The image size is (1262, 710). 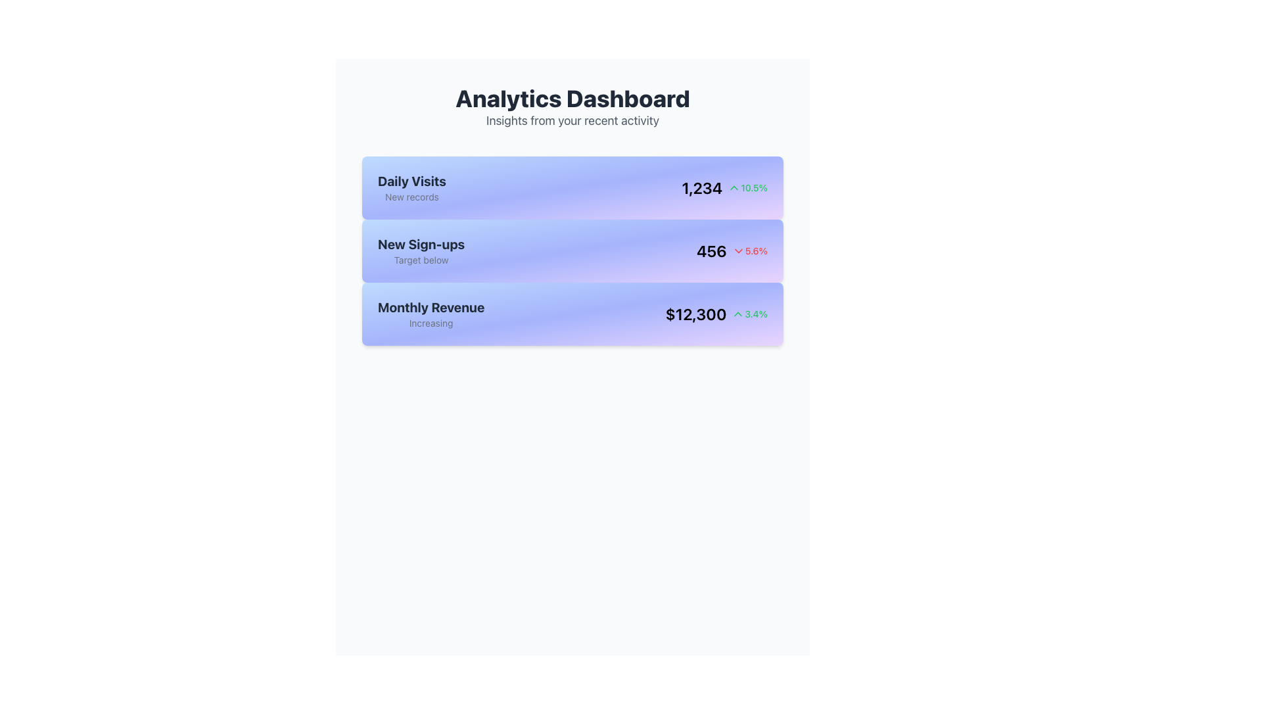 I want to click on the bold heading text component that reads 'Analytics Dashboard', which is styled in a large font size and dark gray color, positioned prominently at the top of the interface, so click(x=573, y=98).